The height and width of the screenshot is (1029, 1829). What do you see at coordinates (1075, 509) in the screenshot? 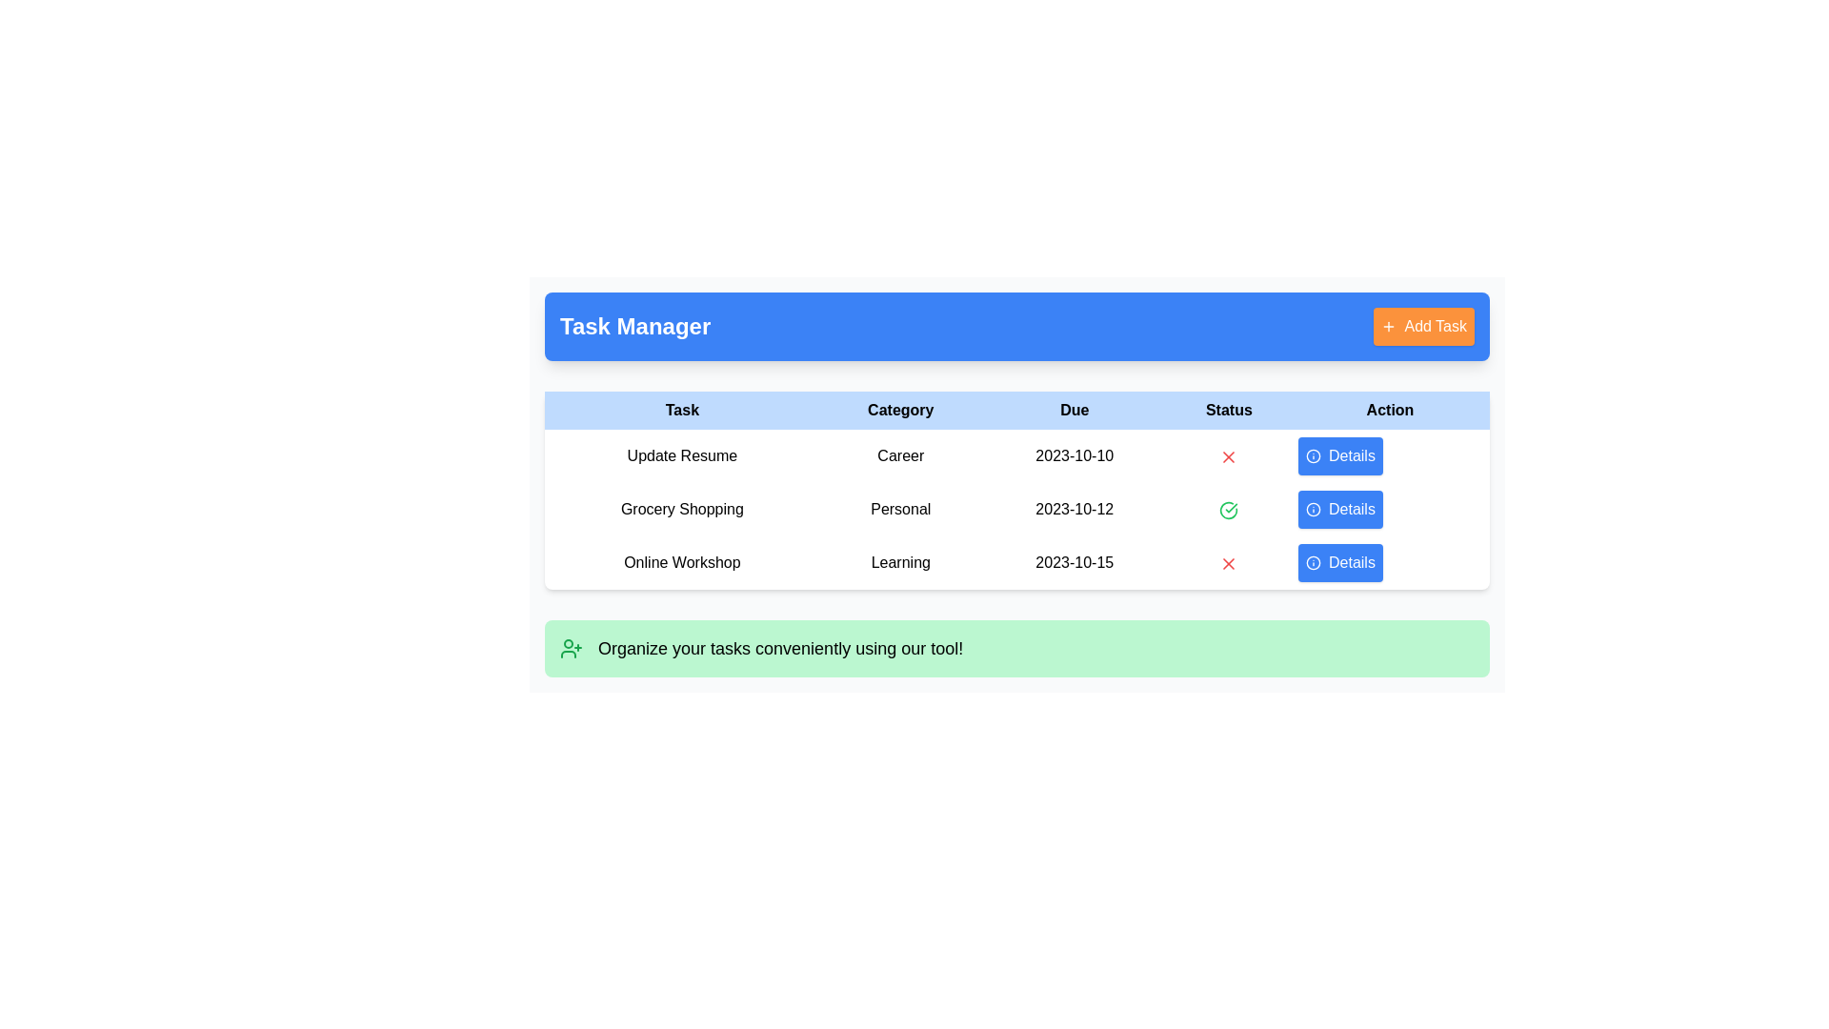
I see `the text label displaying the due date for the 'Grocery Shopping' task in the 'Due' column of the table` at bounding box center [1075, 509].